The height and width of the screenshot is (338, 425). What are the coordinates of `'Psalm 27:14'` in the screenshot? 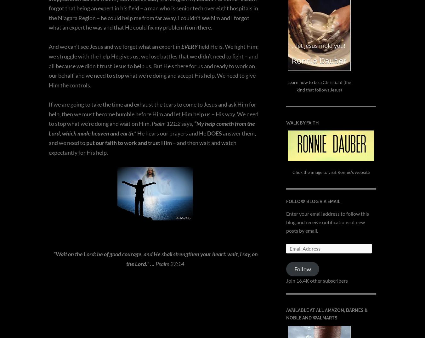 It's located at (169, 263).